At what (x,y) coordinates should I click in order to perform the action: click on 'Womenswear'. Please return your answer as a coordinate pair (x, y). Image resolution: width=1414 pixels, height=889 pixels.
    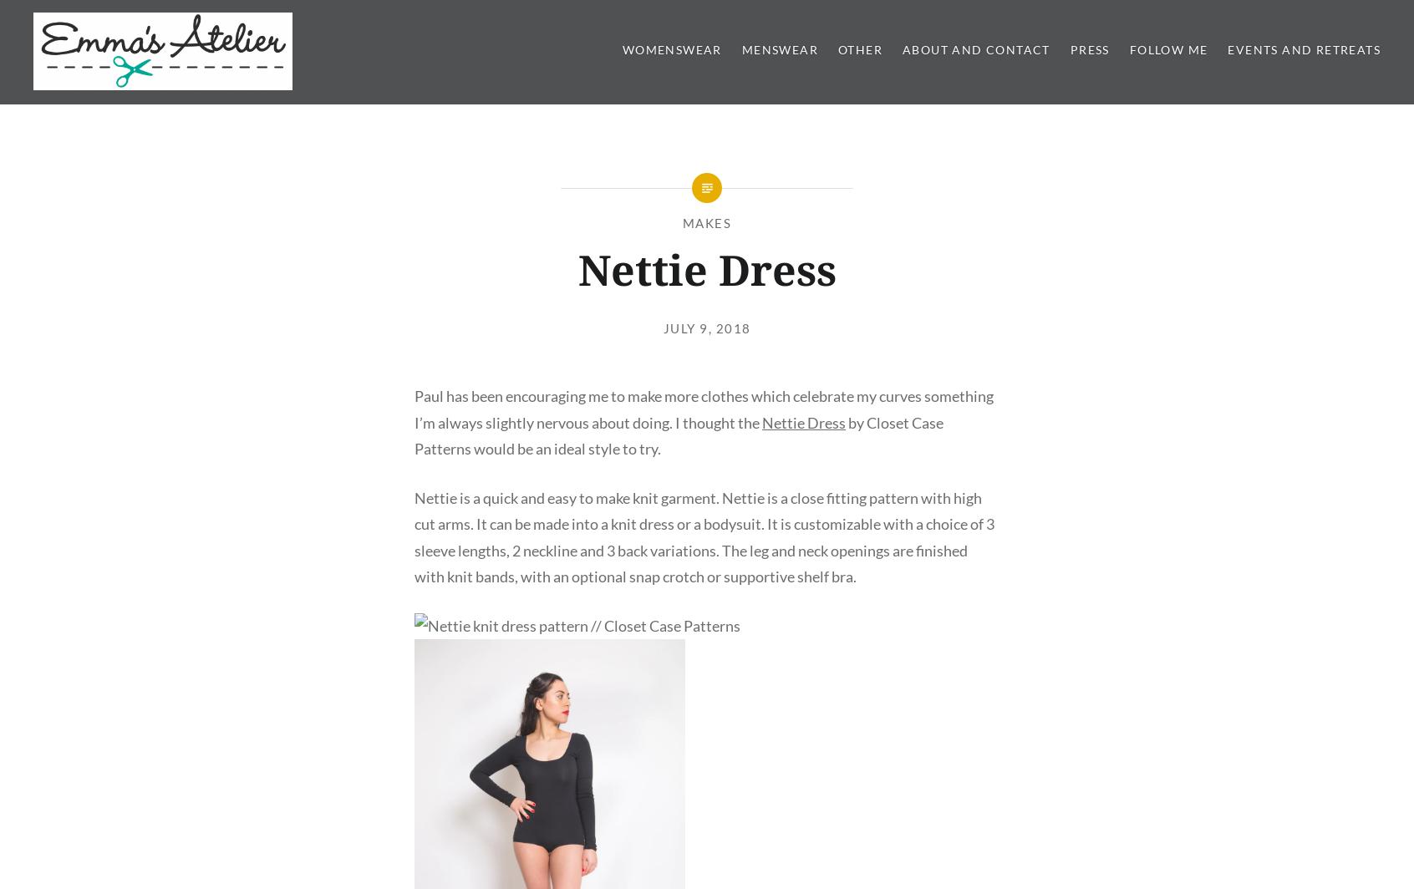
    Looking at the image, I should click on (671, 49).